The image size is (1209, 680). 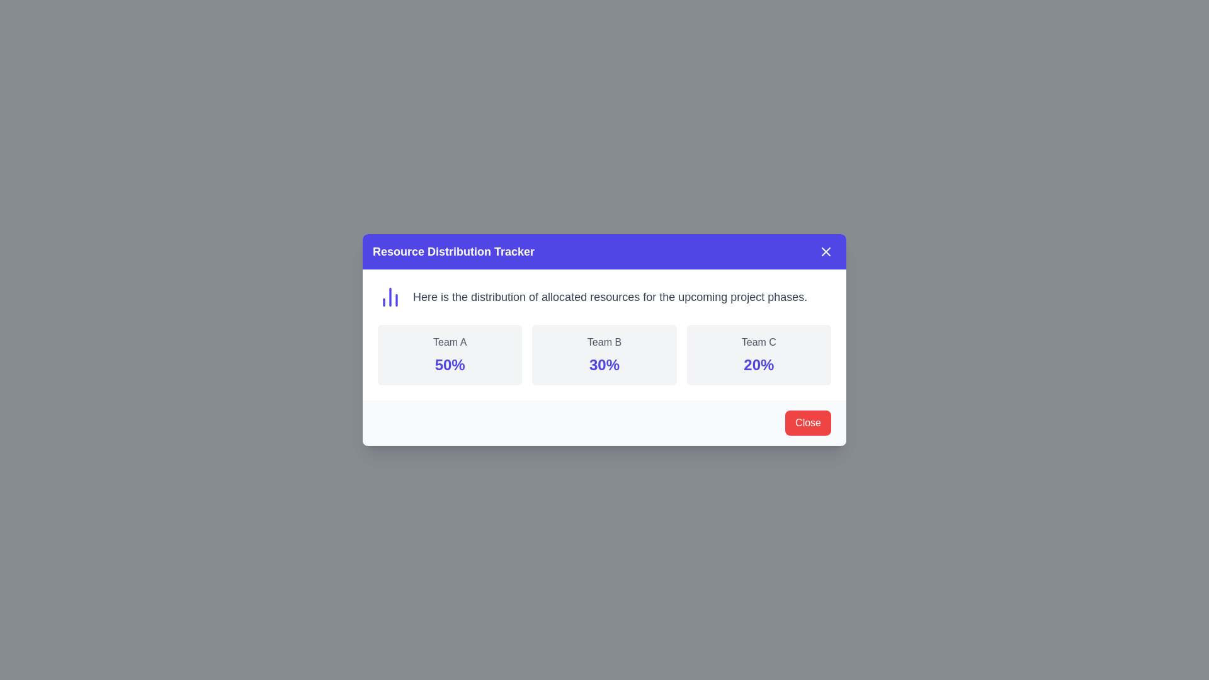 What do you see at coordinates (826, 252) in the screenshot?
I see `the close button located at the rightmost corner of the title bar of the 'Resource Distribution Tracker' modal dialog` at bounding box center [826, 252].